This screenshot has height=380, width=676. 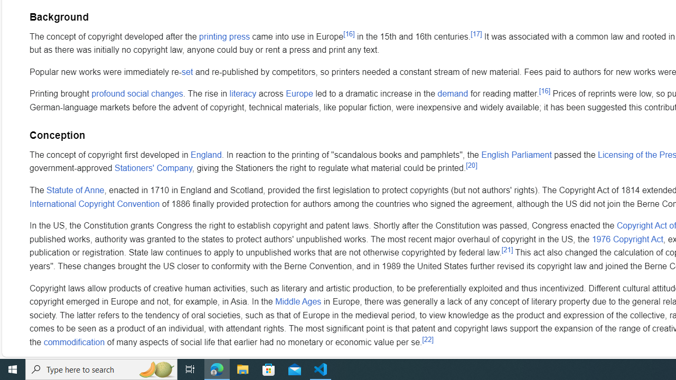 I want to click on 'printing press', so click(x=224, y=35).